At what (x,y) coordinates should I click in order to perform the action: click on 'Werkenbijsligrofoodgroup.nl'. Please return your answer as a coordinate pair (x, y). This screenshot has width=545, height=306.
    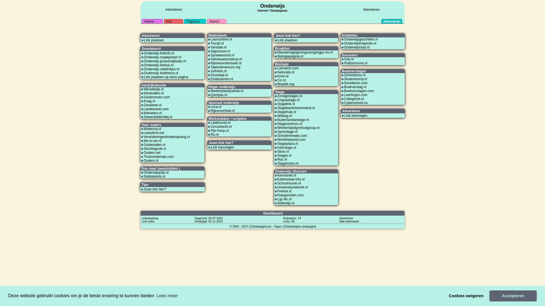
    Looking at the image, I should click on (298, 128).